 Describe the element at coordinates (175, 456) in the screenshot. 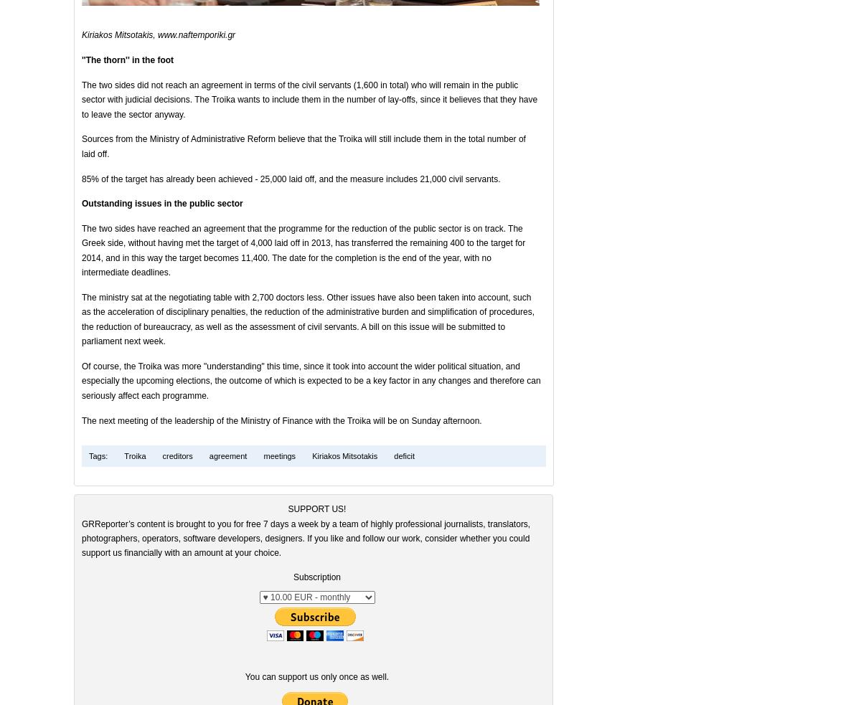

I see `'creditors'` at that location.